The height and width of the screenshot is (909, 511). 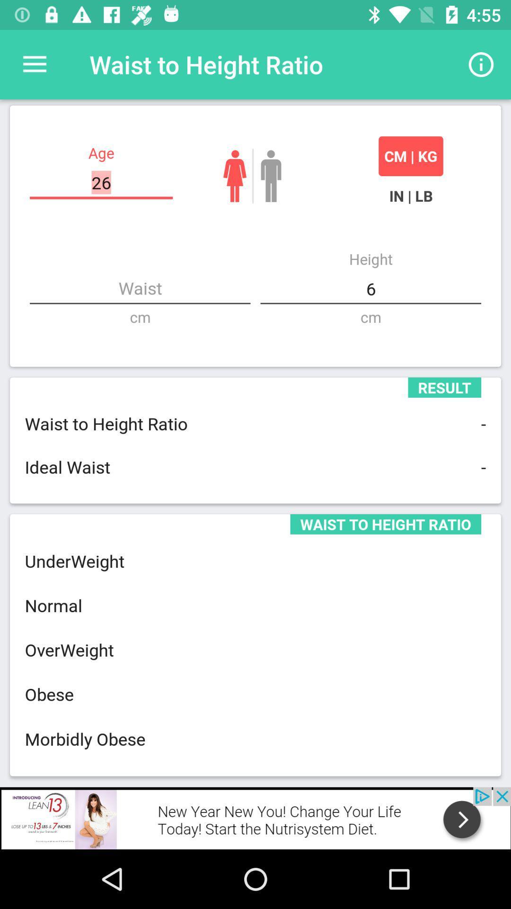 I want to click on the women image right to age 26, so click(x=234, y=176).